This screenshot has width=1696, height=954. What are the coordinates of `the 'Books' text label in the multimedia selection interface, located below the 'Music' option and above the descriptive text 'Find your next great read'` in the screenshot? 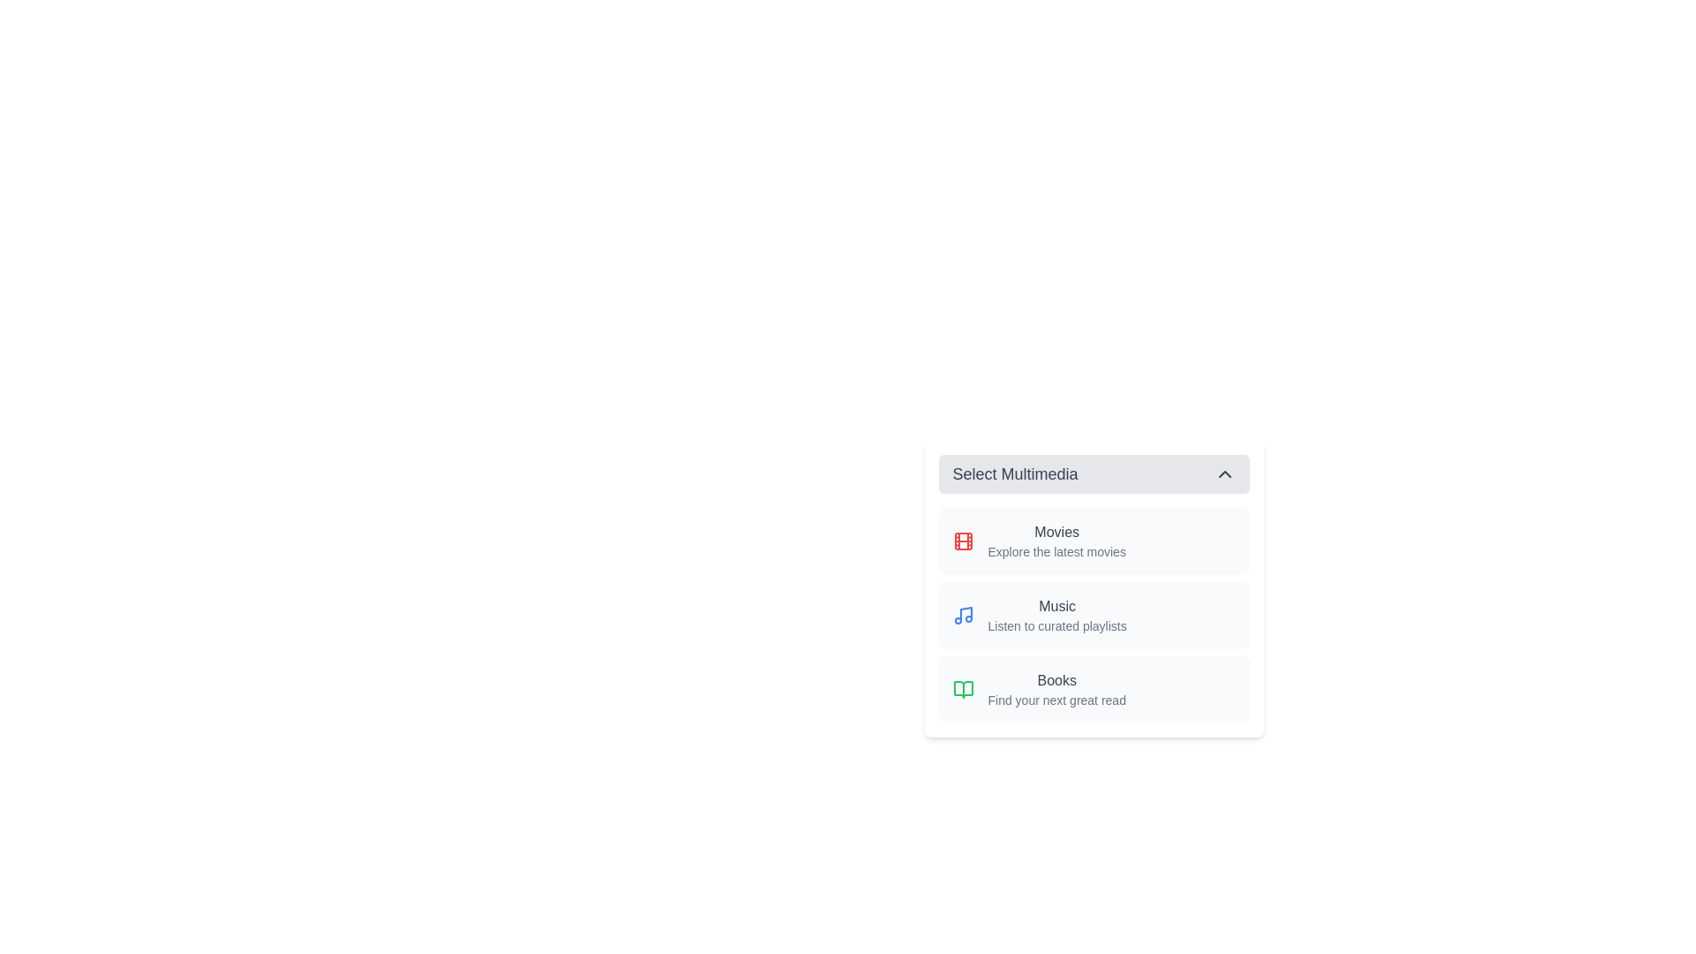 It's located at (1056, 680).